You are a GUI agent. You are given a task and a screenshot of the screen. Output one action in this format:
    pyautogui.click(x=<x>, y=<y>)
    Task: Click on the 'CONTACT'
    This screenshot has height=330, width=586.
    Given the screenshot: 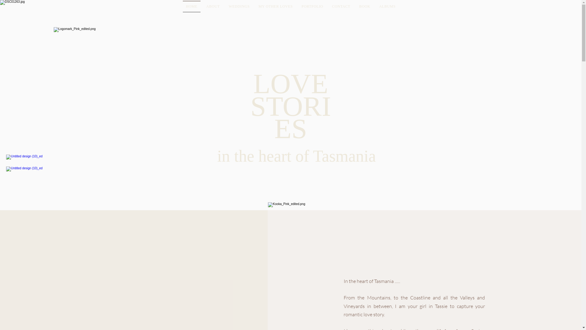 What is the action you would take?
    pyautogui.click(x=341, y=6)
    